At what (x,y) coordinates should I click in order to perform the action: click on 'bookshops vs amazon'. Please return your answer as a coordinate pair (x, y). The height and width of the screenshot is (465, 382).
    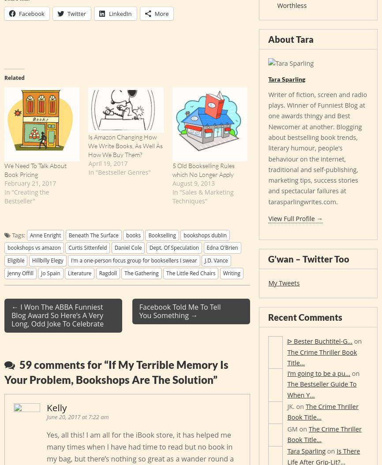
    Looking at the image, I should click on (34, 247).